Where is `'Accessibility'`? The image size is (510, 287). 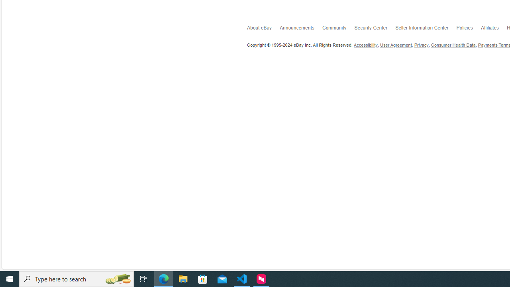
'Accessibility' is located at coordinates (365, 45).